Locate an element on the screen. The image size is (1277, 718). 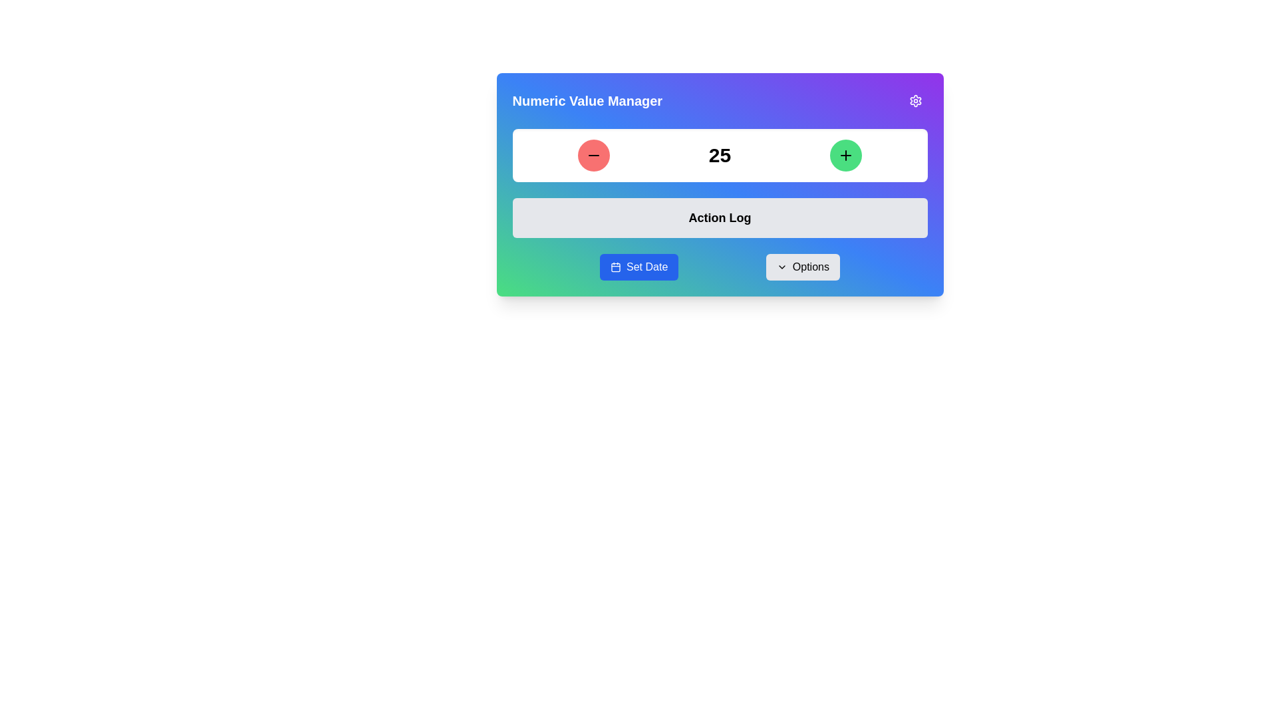
the circular red button with a minus(-) symbol, located to the left of the number display ('25') is located at coordinates (593, 155).